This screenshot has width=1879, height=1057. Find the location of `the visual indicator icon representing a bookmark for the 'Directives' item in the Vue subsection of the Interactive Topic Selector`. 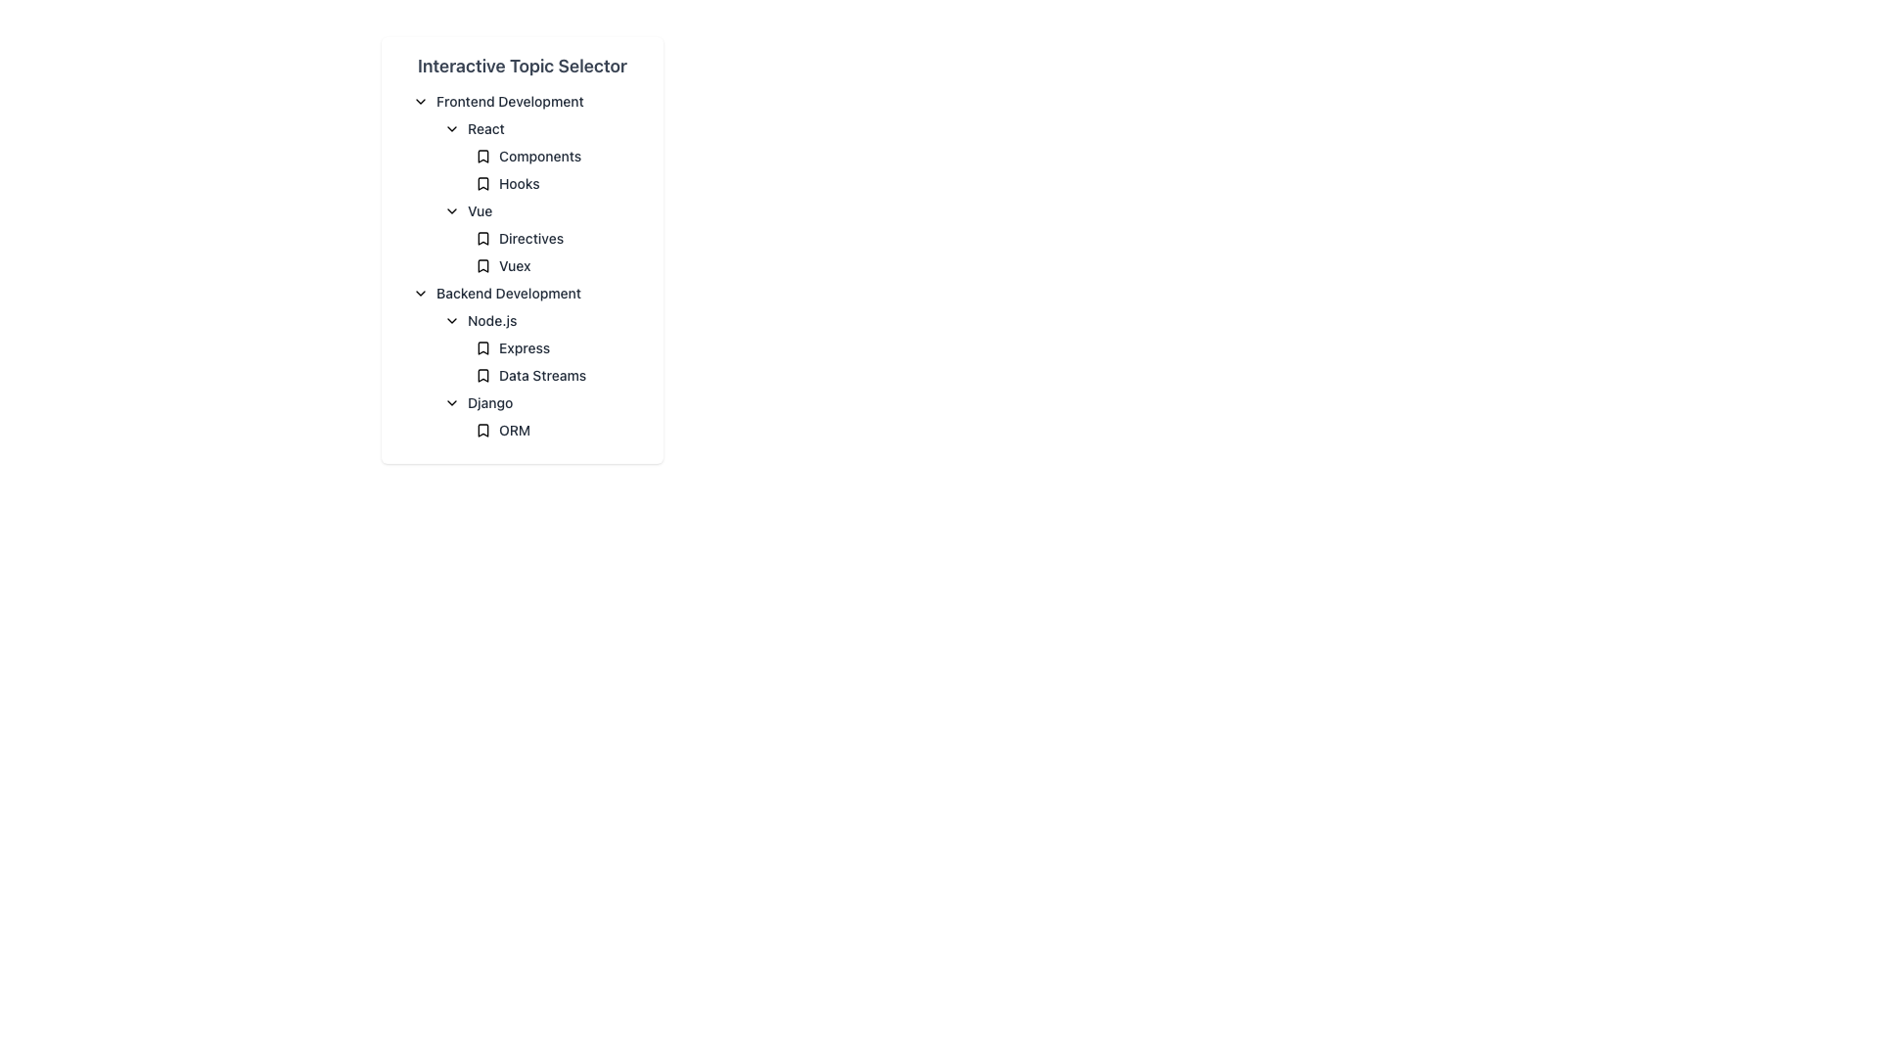

the visual indicator icon representing a bookmark for the 'Directives' item in the Vue subsection of the Interactive Topic Selector is located at coordinates (483, 237).